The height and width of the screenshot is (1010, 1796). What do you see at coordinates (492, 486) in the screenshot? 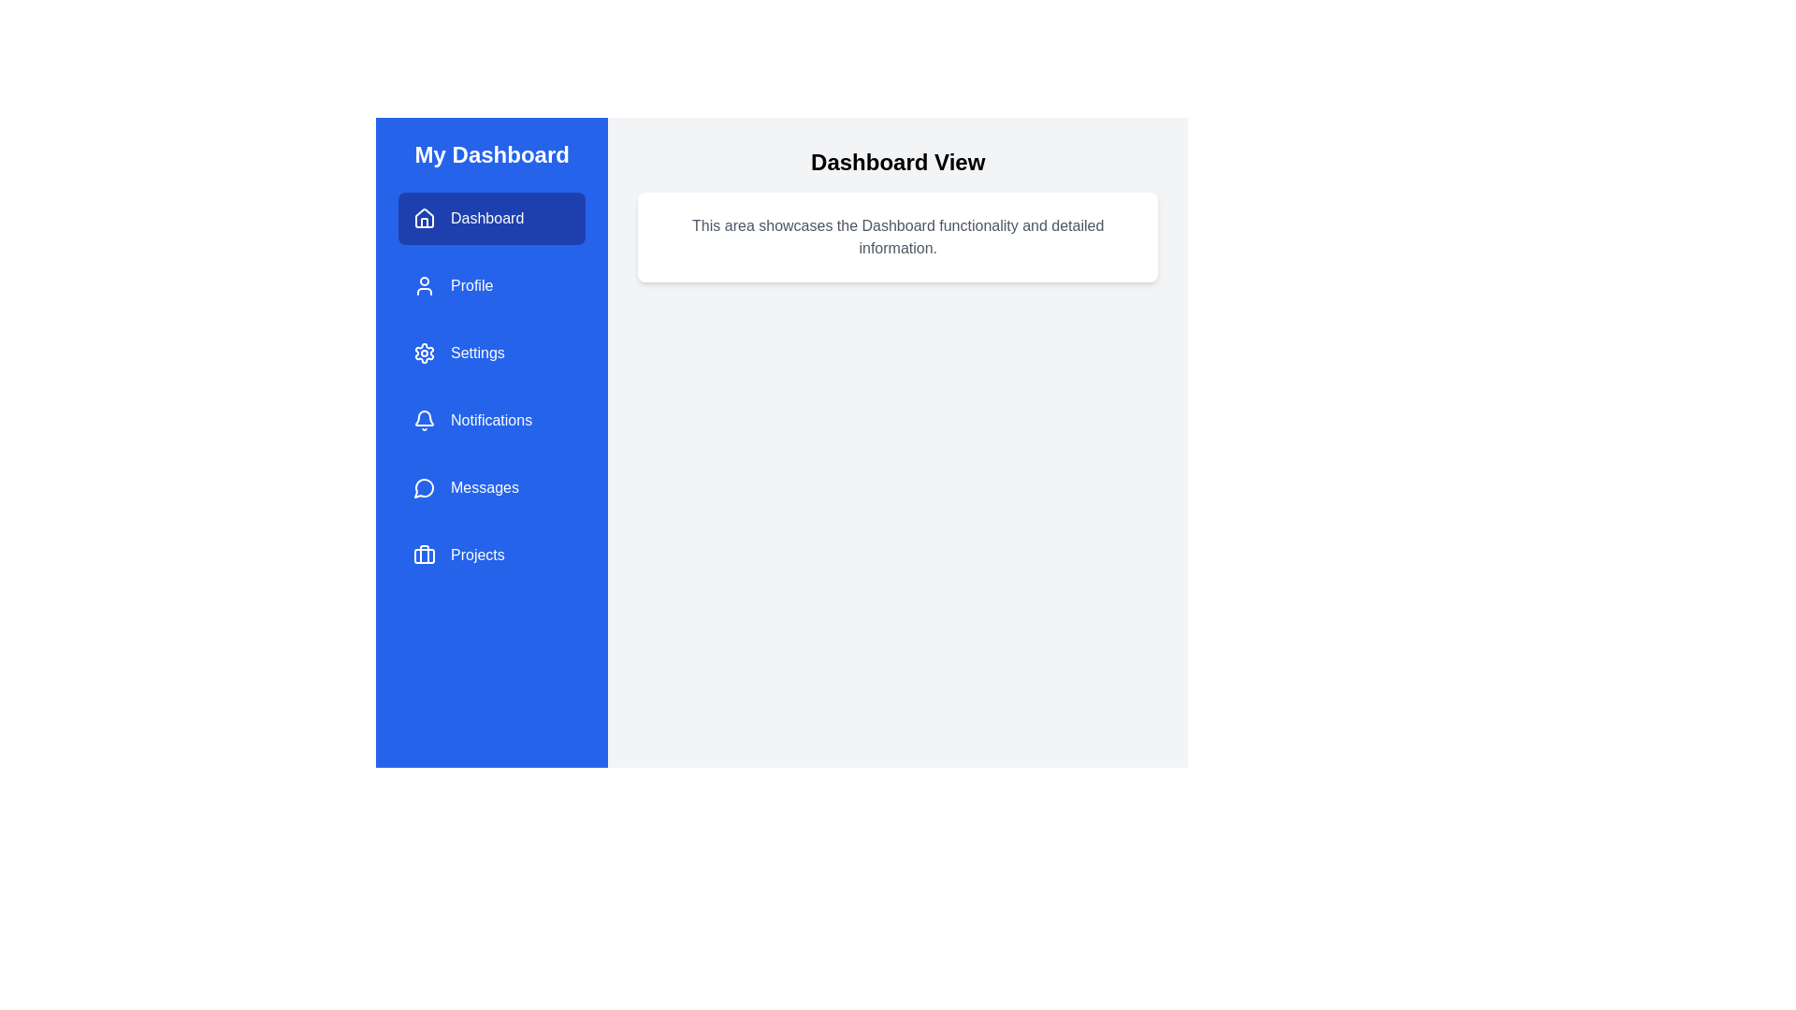
I see `the menu item Messages to navigate to its corresponding section` at bounding box center [492, 486].